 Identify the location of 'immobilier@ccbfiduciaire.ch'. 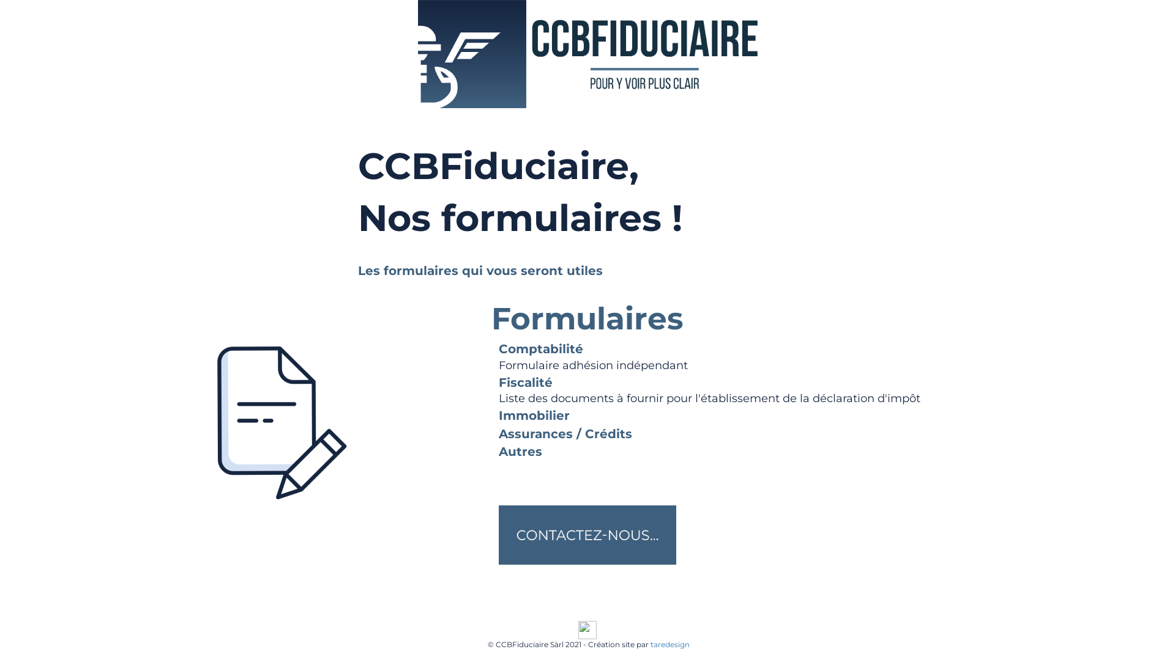
(573, 615).